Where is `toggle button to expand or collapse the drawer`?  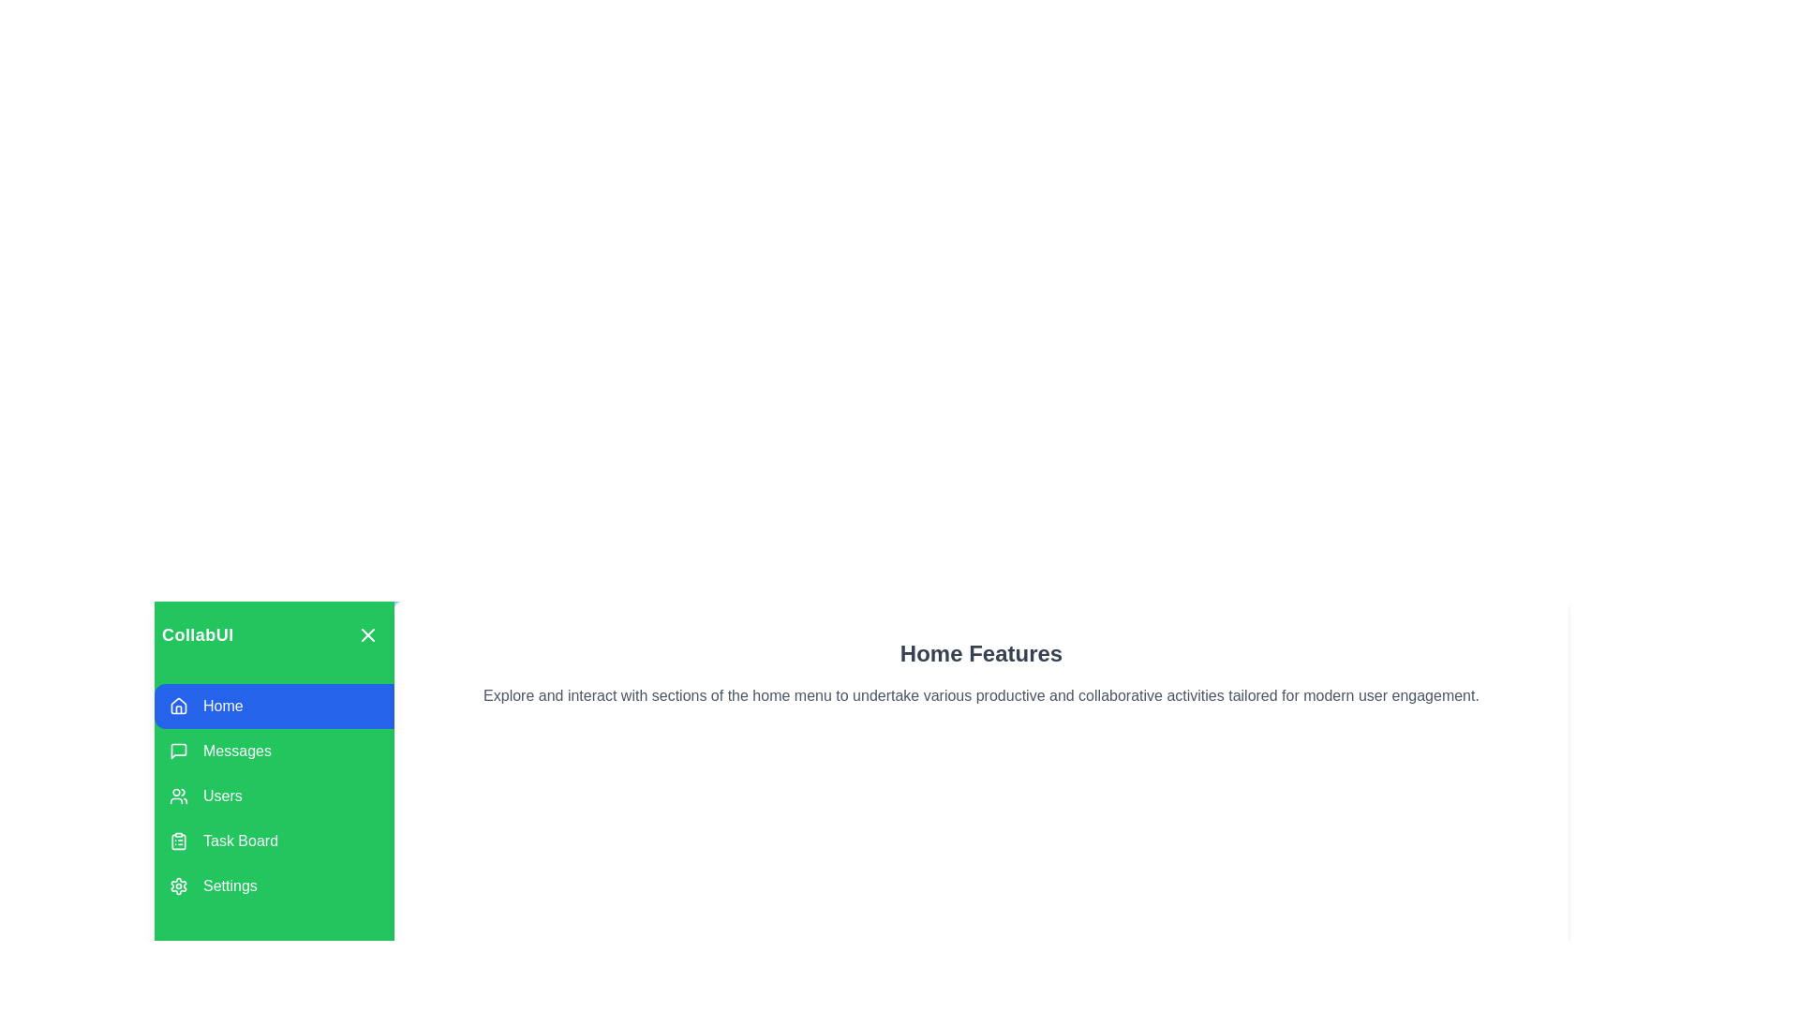
toggle button to expand or collapse the drawer is located at coordinates (368, 634).